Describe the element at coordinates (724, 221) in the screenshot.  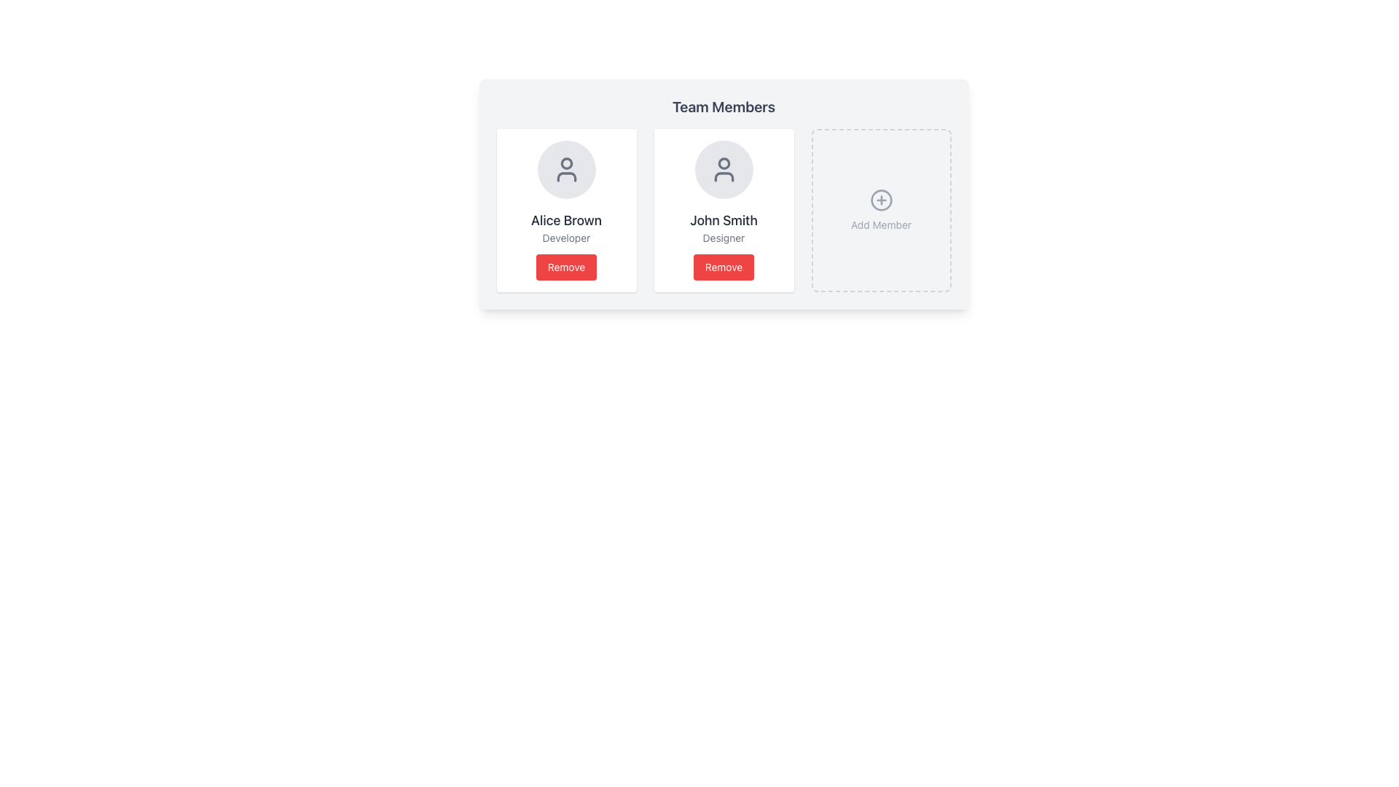
I see `the text label displaying 'John Smith' which identifies a team member in the second card under the 'Team Members' section` at that location.